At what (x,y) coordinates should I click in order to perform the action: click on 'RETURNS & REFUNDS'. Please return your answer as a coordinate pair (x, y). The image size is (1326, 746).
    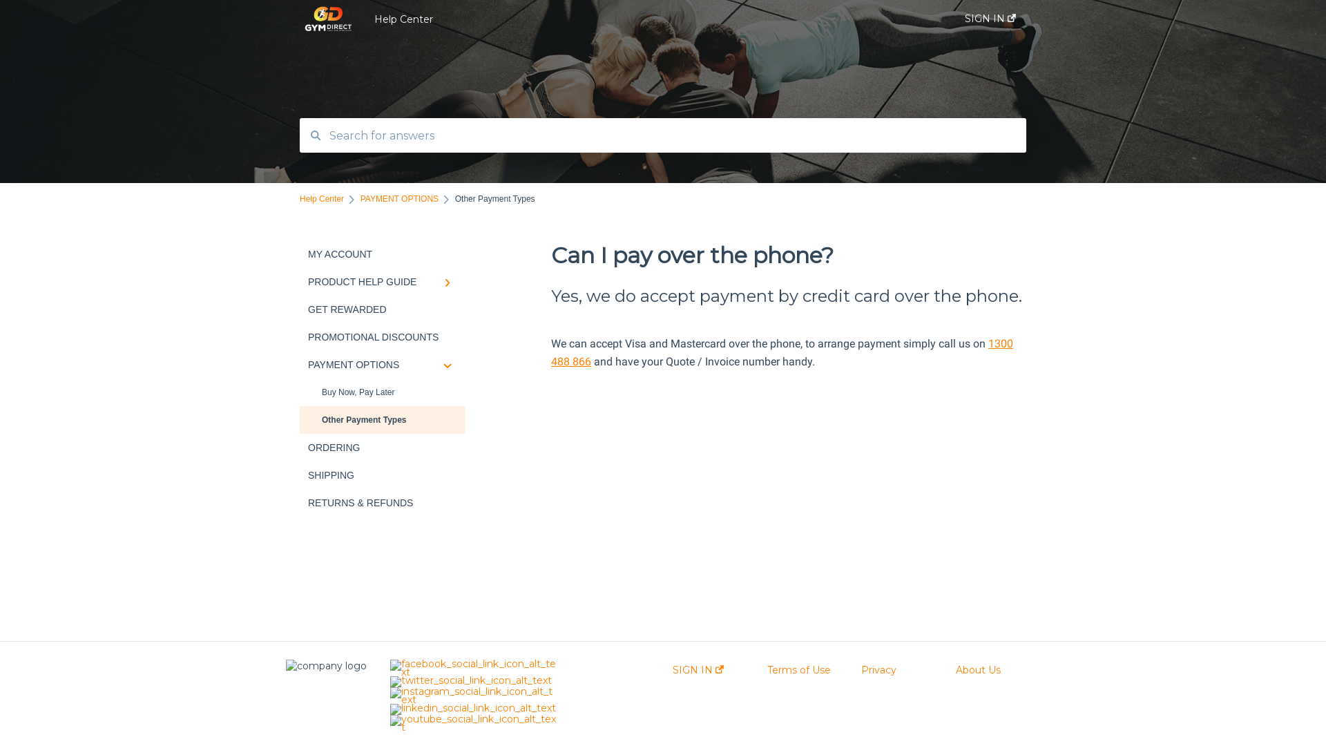
    Looking at the image, I should click on (382, 503).